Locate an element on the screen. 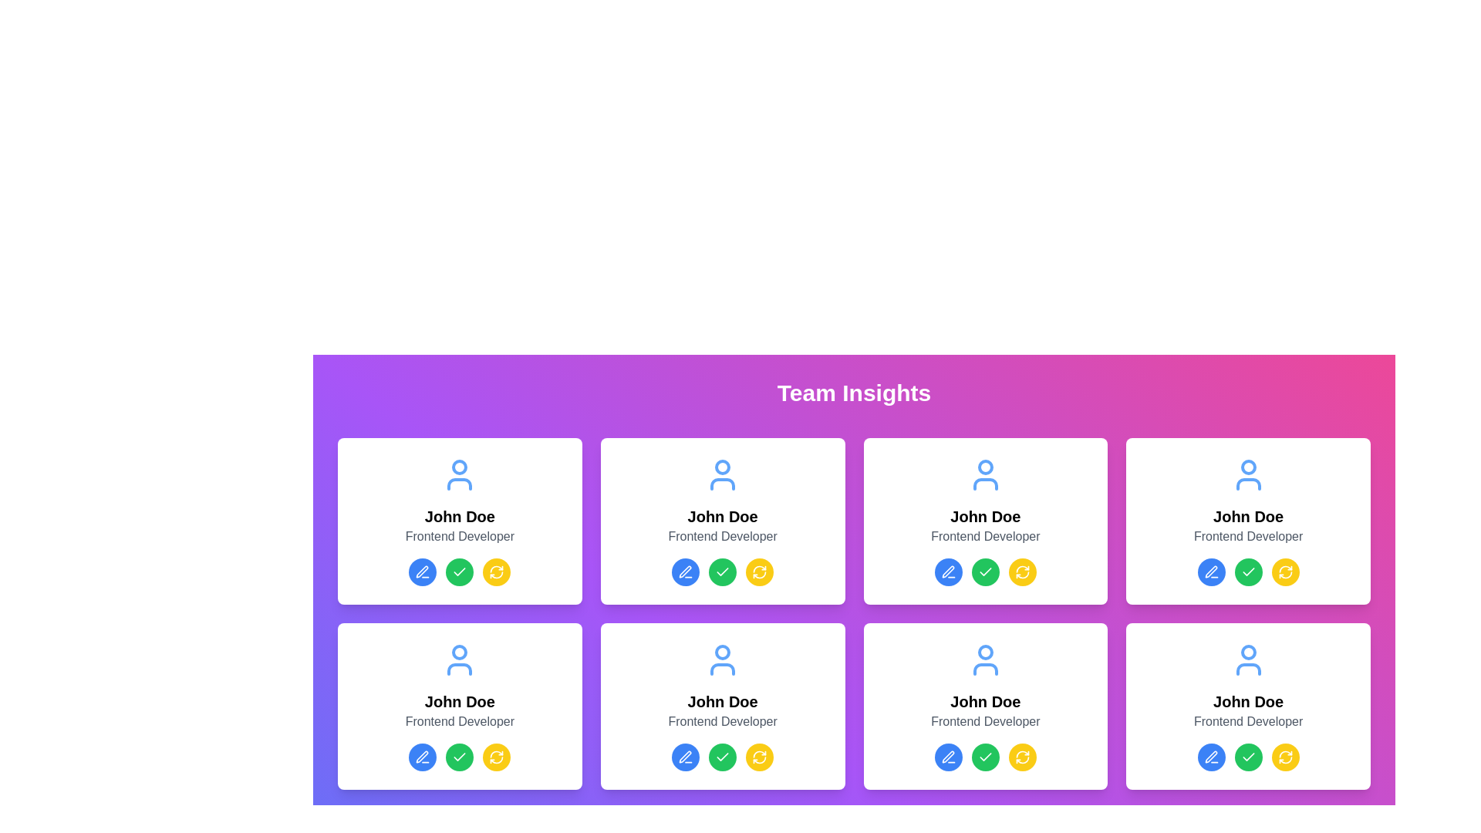 The image size is (1481, 833). text label 'John Doe' which is styled in bold and positioned centrally within the first card under 'Team Insights' is located at coordinates (459, 517).